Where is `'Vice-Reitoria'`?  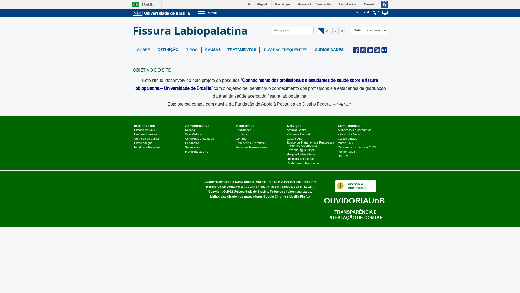 'Vice-Reitoria' is located at coordinates (193, 134).